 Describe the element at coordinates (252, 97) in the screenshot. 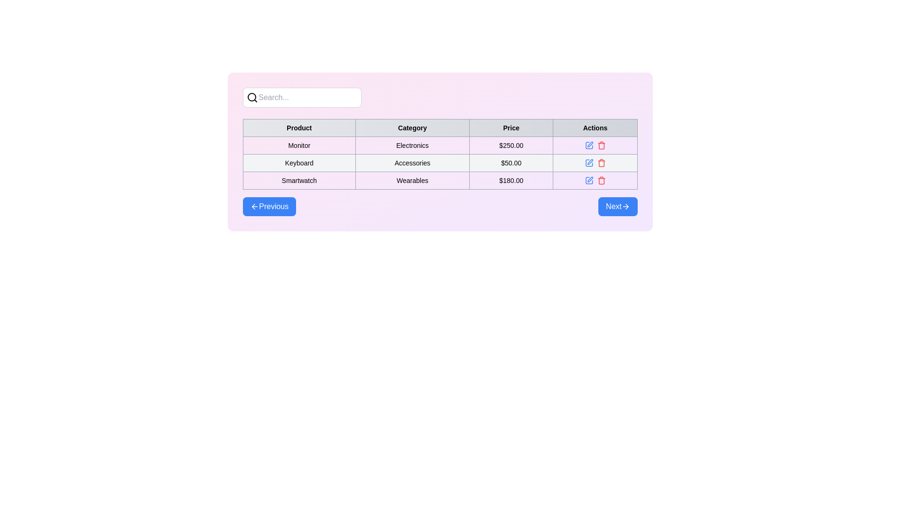

I see `the circular Decorative component located inside the magnifying glass icon at the beginning of the search bar` at that location.